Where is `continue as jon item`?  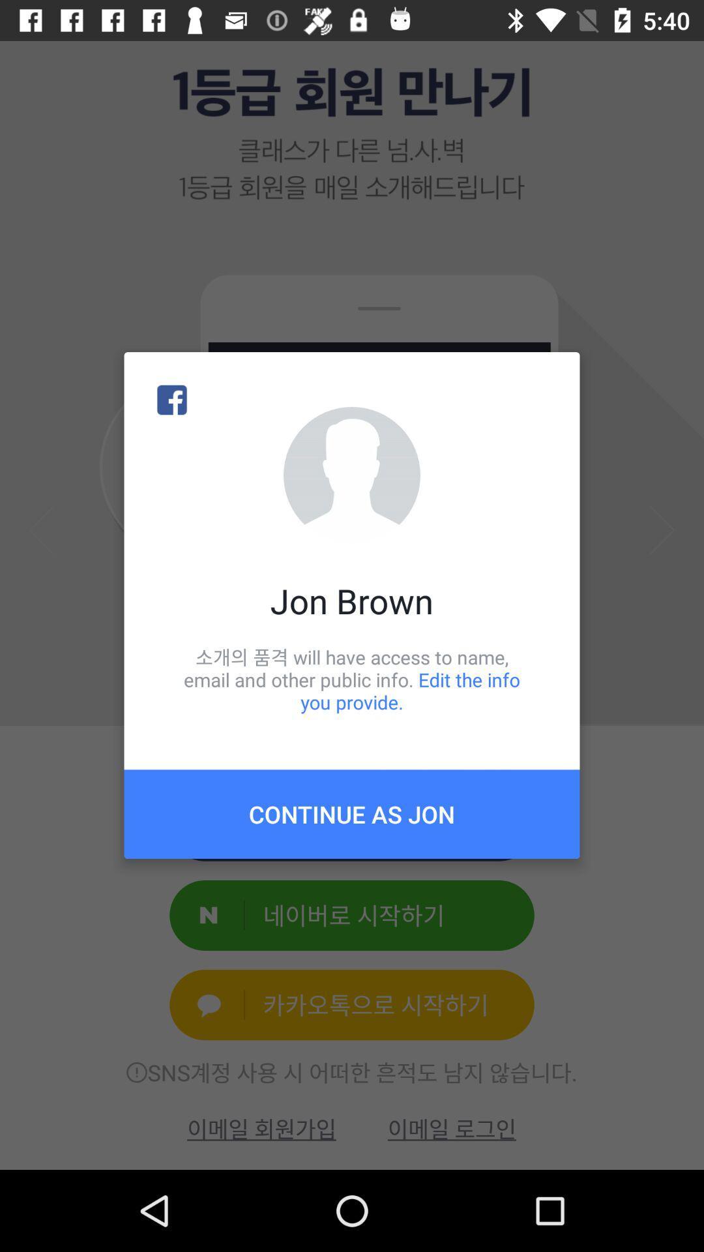
continue as jon item is located at coordinates (352, 813).